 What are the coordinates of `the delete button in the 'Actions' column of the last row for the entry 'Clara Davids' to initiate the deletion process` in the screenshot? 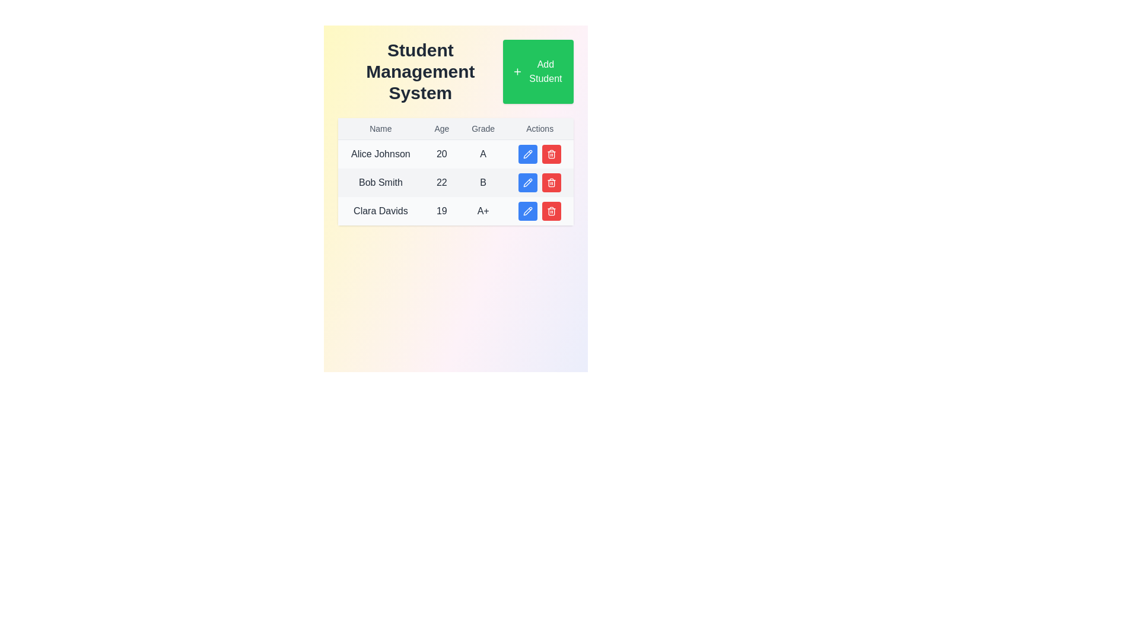 It's located at (551, 210).